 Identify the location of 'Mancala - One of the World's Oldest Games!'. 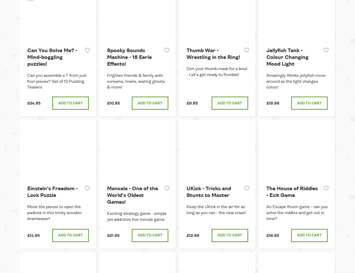
(107, 195).